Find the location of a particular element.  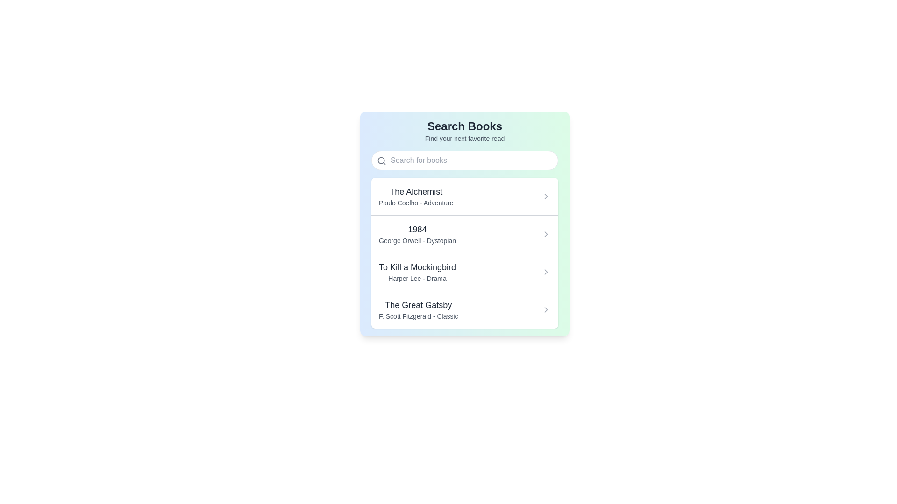

the list item for the book 'The Great Gatsby' by F. Scott Fitzgerald is located at coordinates (464, 309).